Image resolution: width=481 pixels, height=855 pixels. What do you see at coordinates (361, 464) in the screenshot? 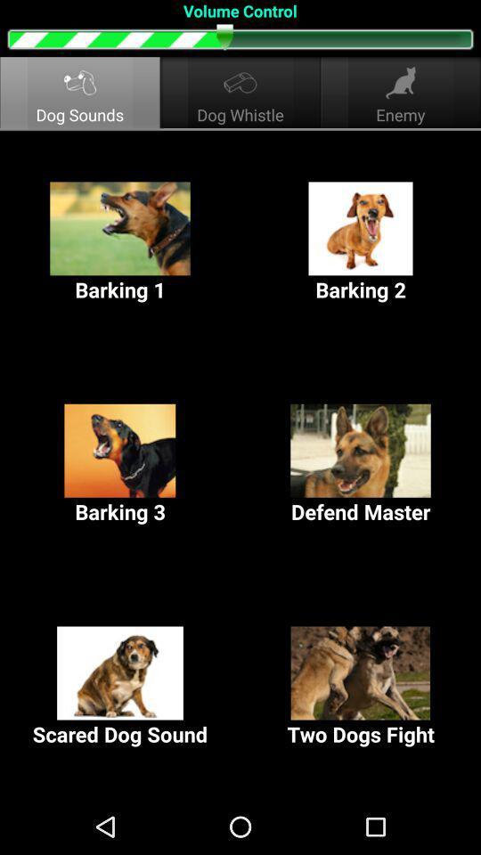
I see `icon above scared dog sound icon` at bounding box center [361, 464].